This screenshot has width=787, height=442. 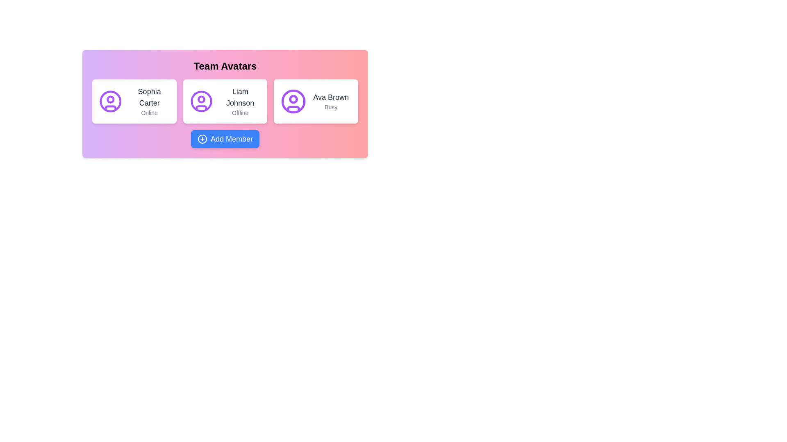 I want to click on the online status text label indicating 'Sophia Carter' is currently active or available online, which is centrally located beneath her name, so click(x=149, y=113).